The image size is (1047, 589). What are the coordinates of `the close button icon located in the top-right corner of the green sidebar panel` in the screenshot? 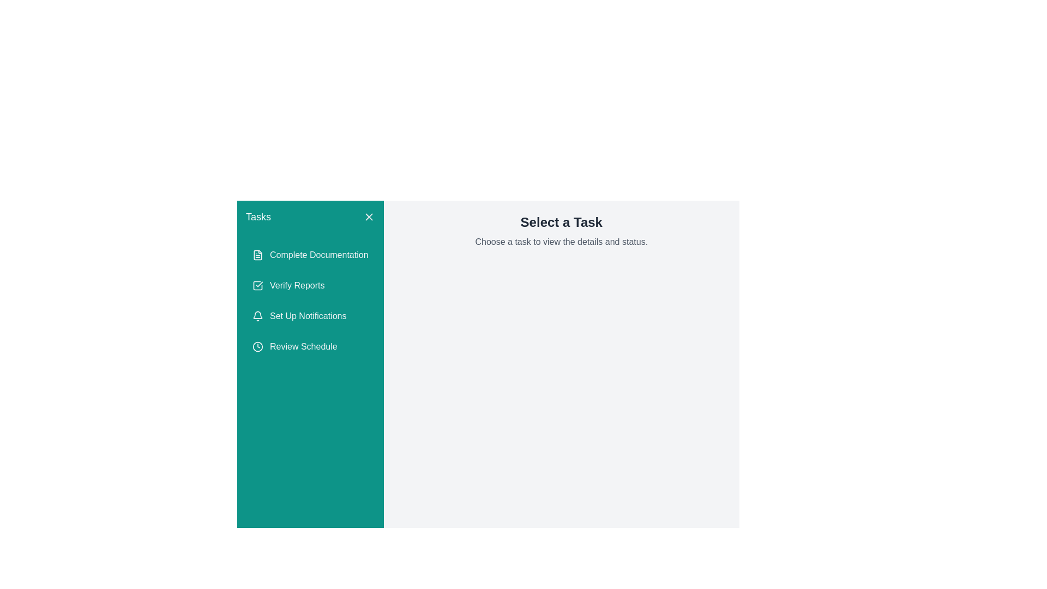 It's located at (369, 217).